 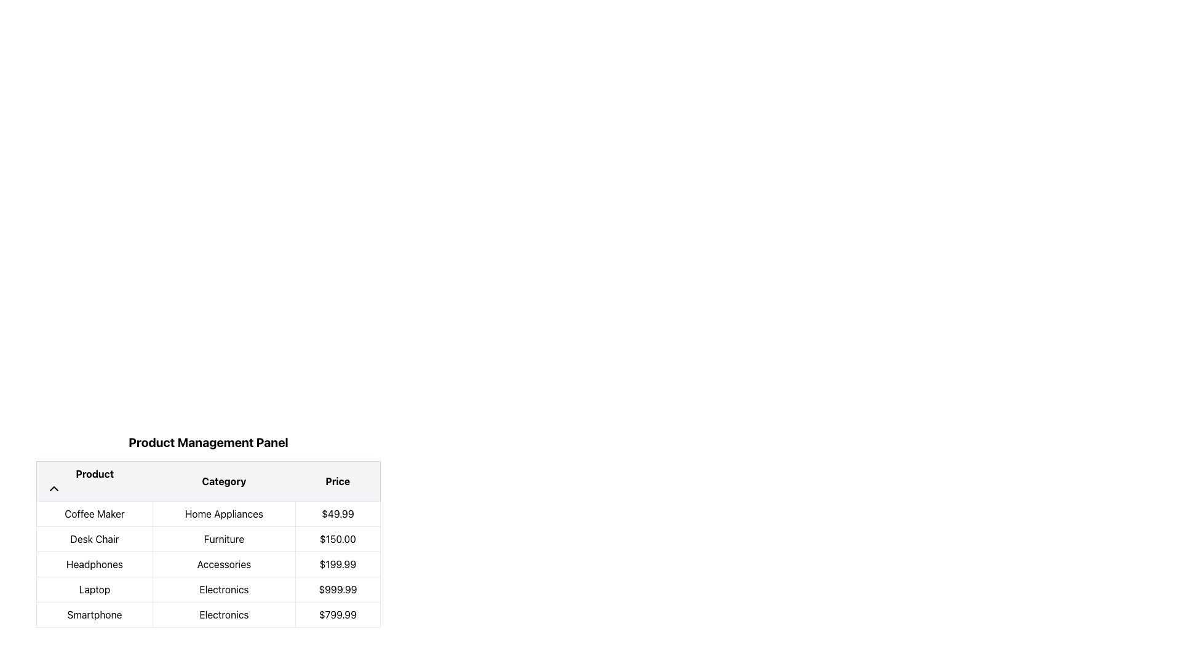 I want to click on the 'Smartphone' text label in the product management table, which displays the product name in the leftmost column of the last visible row, so click(x=93, y=614).